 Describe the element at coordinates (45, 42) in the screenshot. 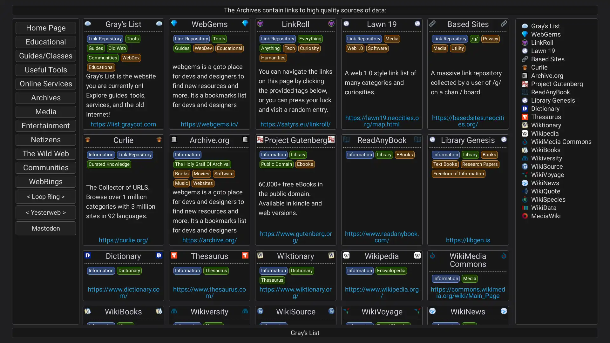

I see `Educational` at that location.